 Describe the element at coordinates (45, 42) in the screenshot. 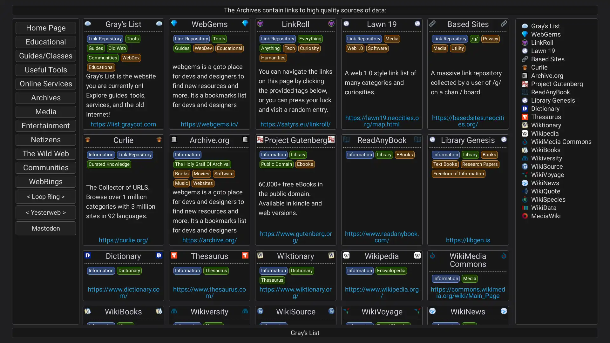

I see `Educational` at that location.